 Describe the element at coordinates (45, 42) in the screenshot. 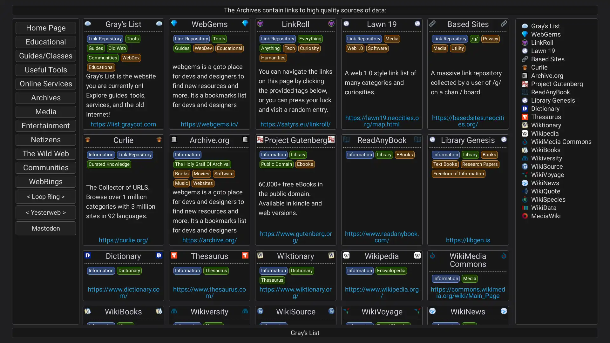

I see `Educational` at that location.